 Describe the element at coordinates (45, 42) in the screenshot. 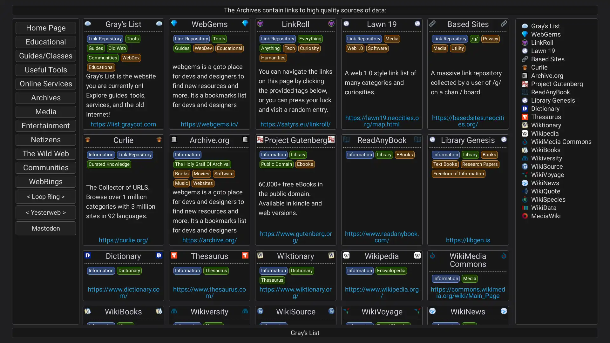

I see `Educational` at that location.